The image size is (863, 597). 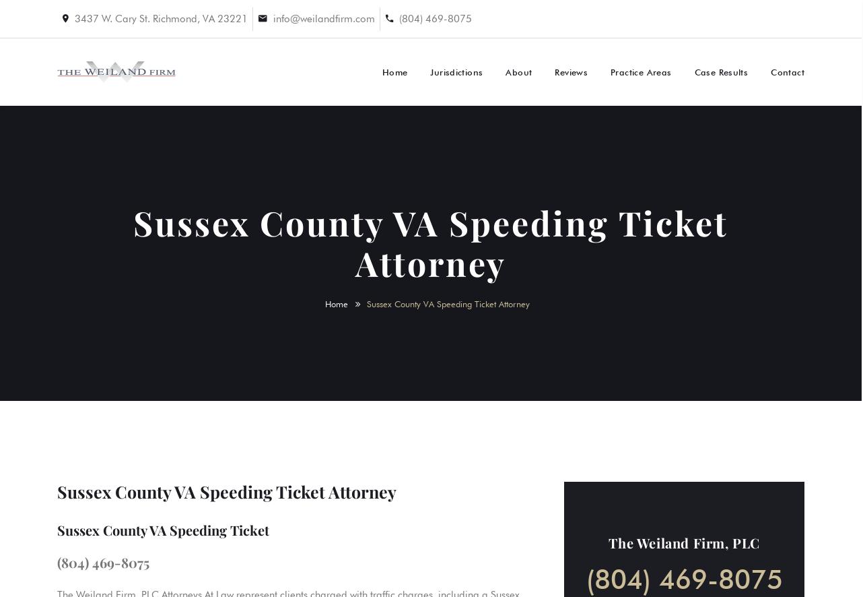 I want to click on 'John M. Weiland', so click(x=699, y=171).